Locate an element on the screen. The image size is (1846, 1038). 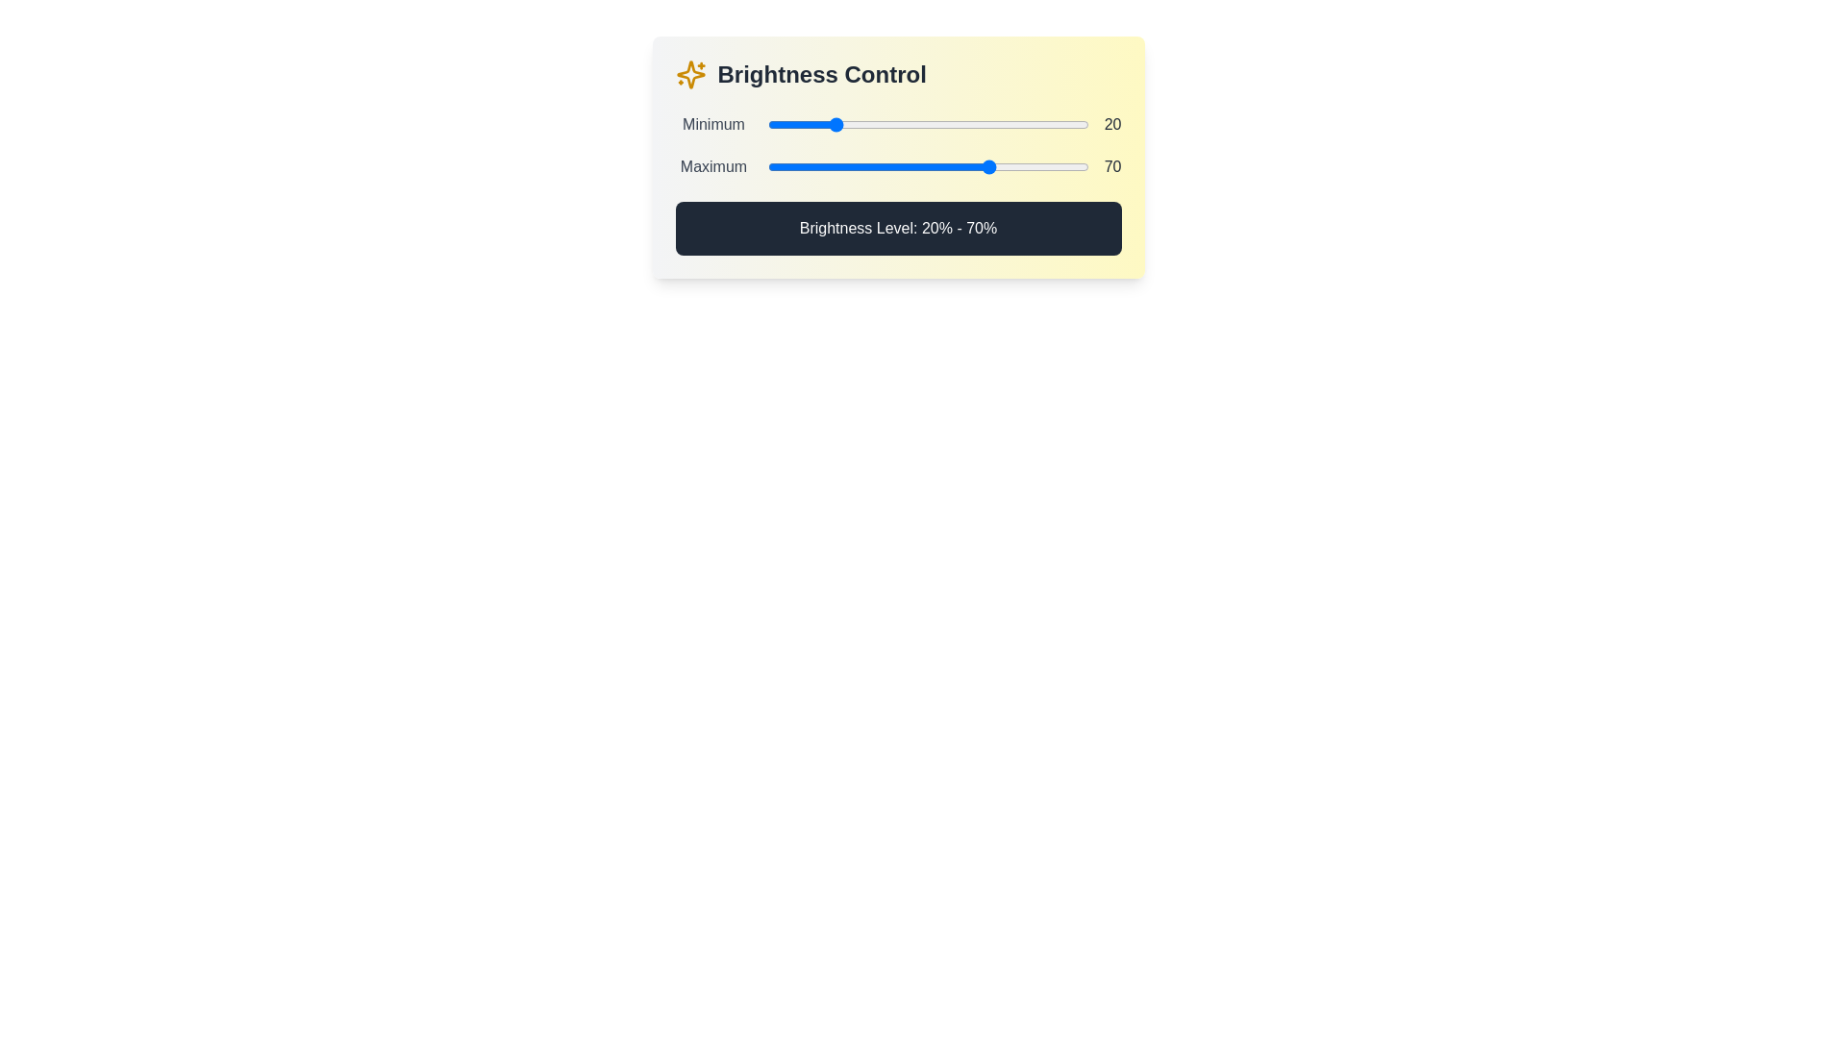
the minimum brightness level to 25% by interacting with the first slider is located at coordinates (847, 125).